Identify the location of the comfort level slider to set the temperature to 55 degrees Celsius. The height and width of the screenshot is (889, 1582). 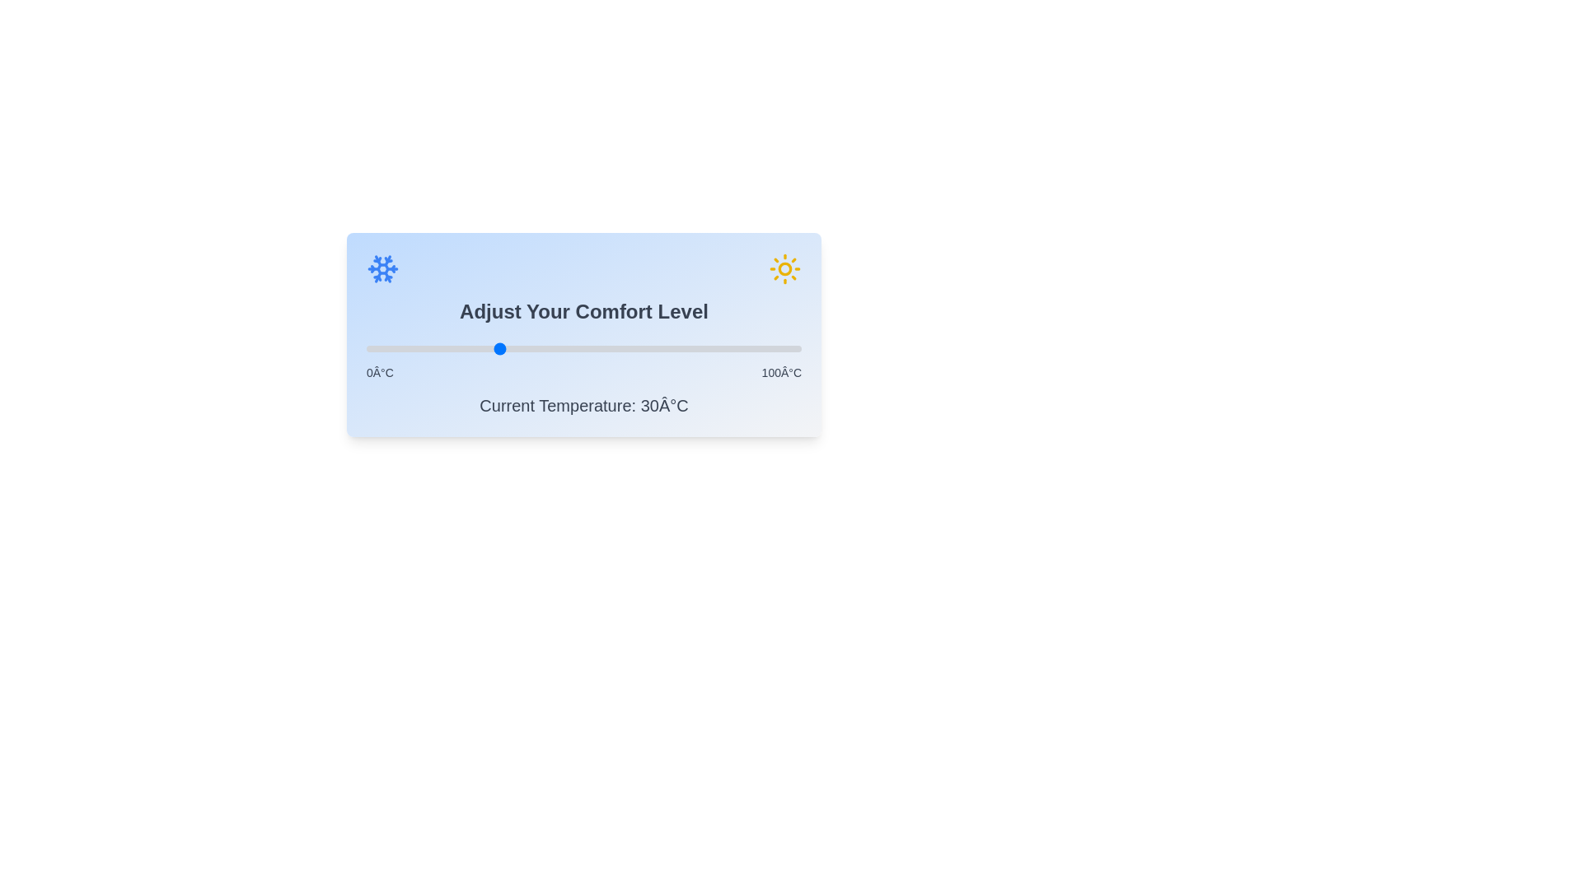
(605, 348).